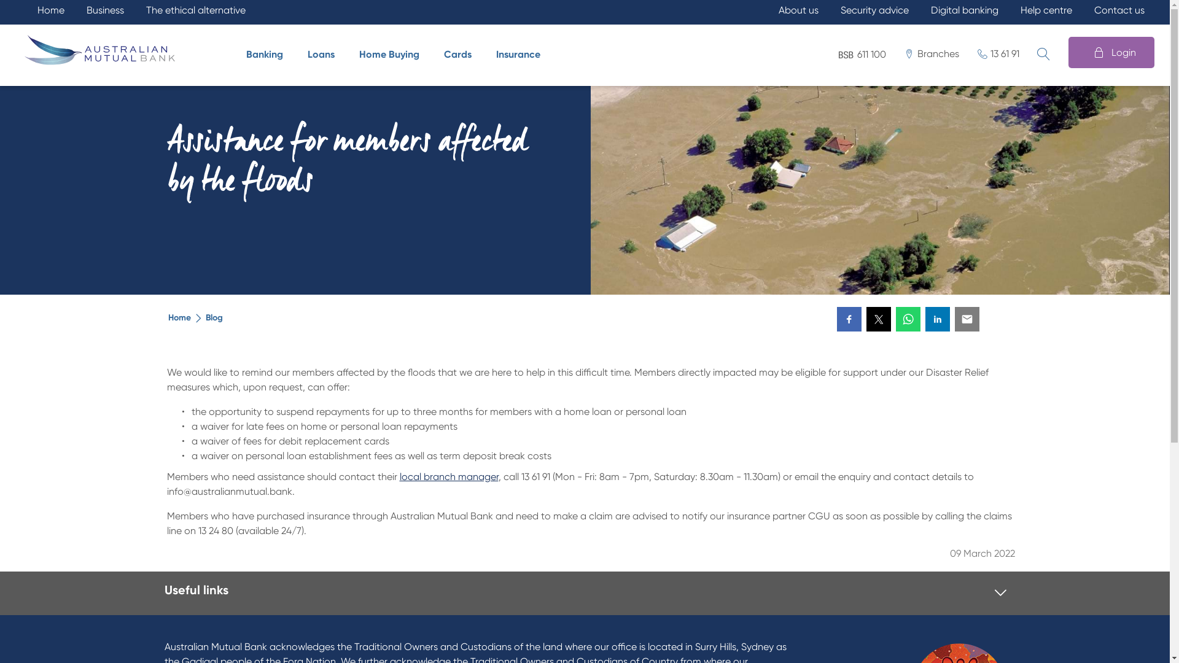 This screenshot has height=663, width=1179. I want to click on 'Home Buying', so click(391, 53).